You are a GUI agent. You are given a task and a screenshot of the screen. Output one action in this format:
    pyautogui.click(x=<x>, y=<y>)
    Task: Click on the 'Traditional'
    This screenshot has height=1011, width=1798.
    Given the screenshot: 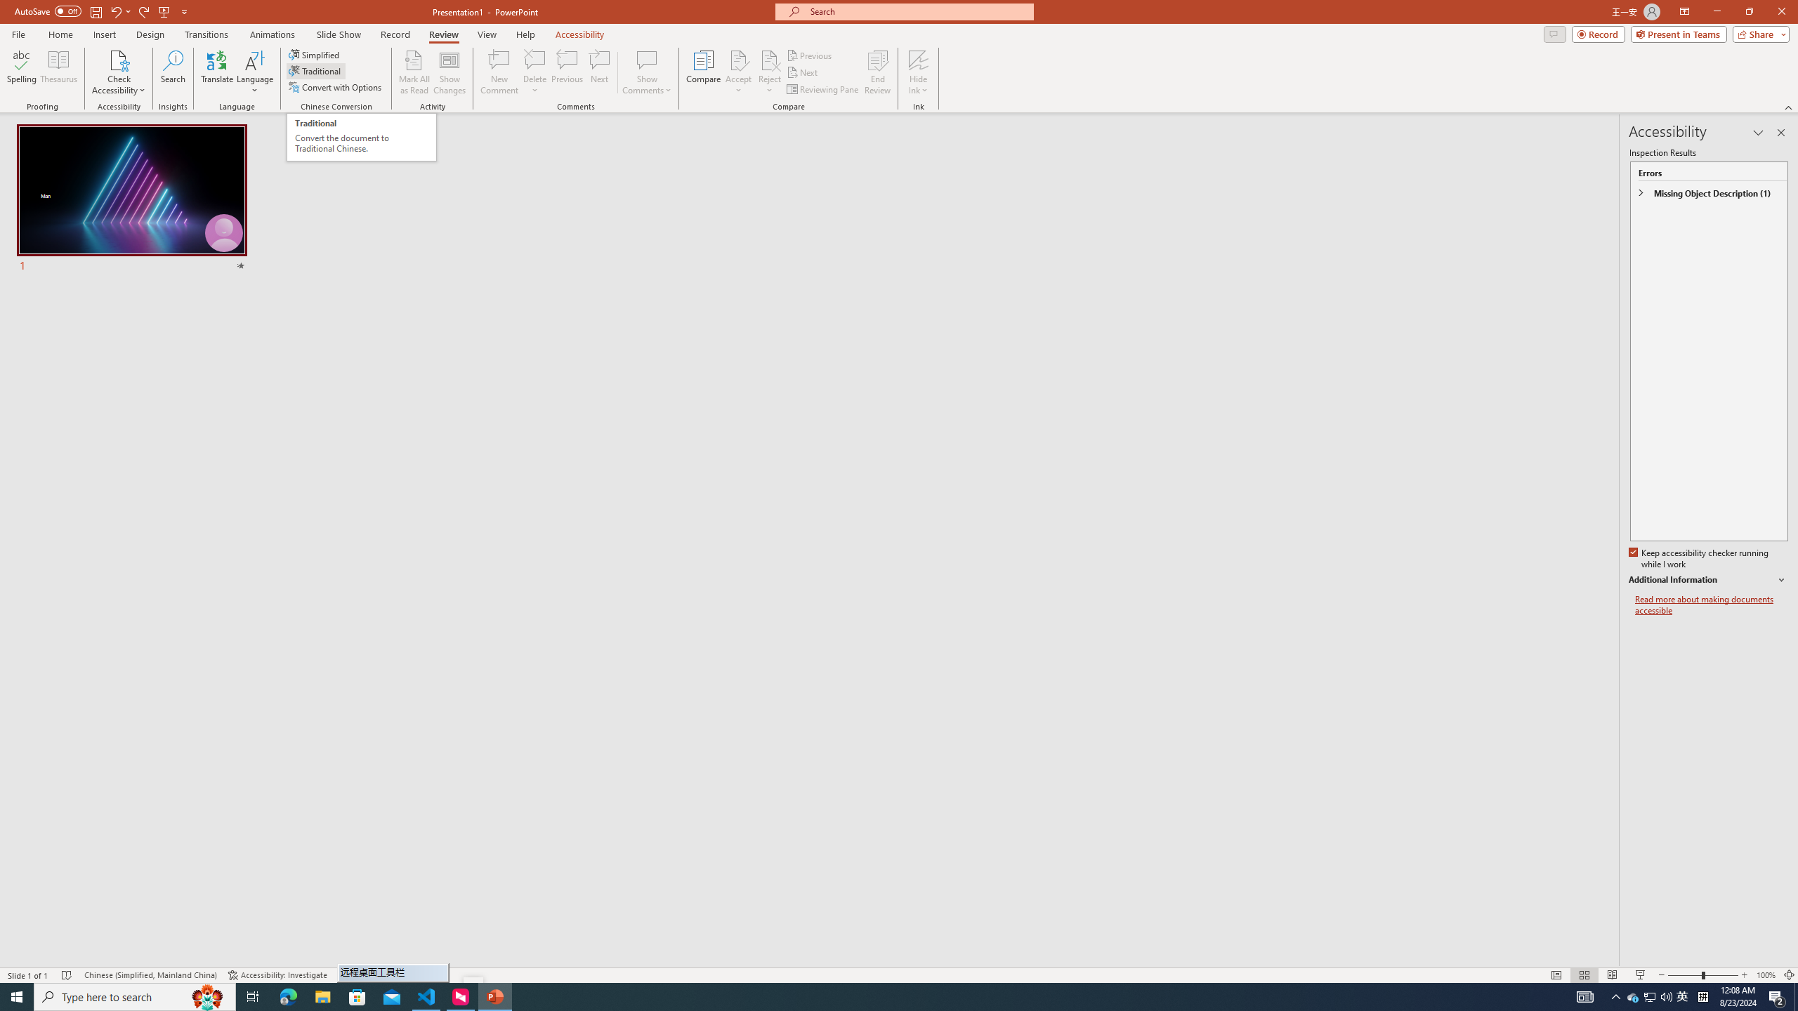 What is the action you would take?
    pyautogui.click(x=315, y=70)
    